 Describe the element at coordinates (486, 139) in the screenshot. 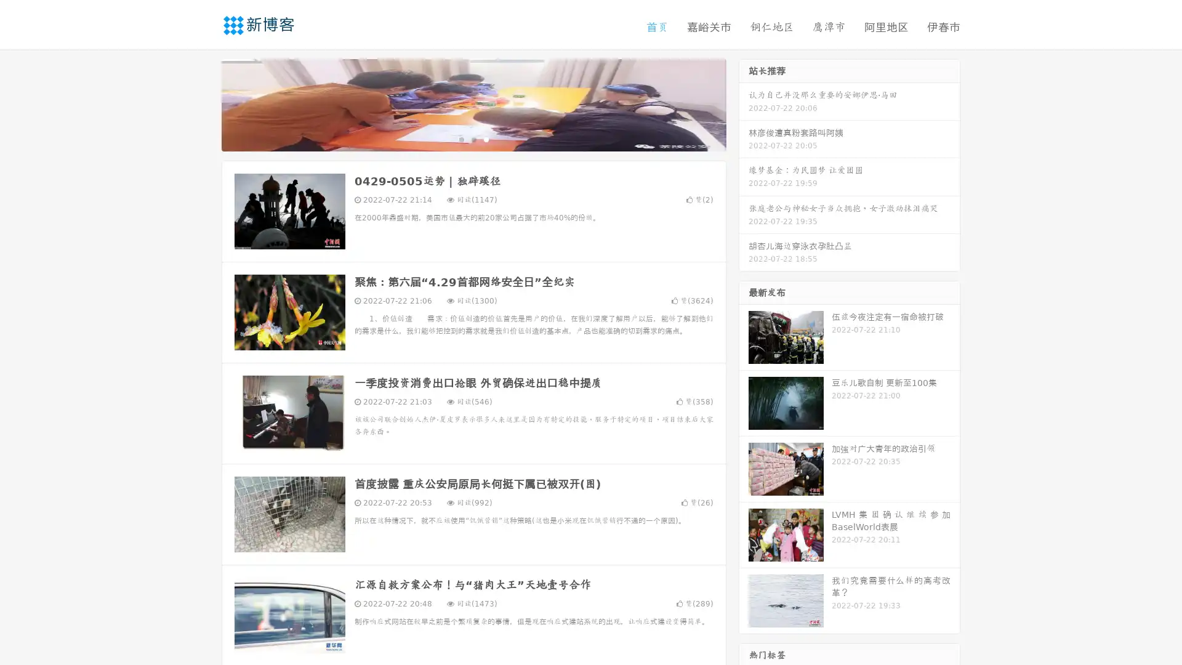

I see `Go to slide 3` at that location.